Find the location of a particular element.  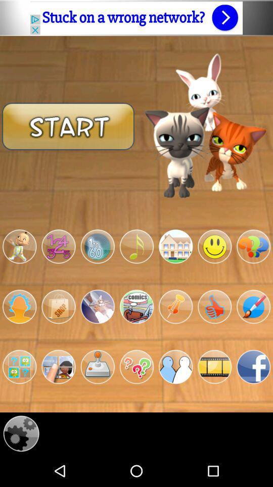

open app is located at coordinates (58, 366).